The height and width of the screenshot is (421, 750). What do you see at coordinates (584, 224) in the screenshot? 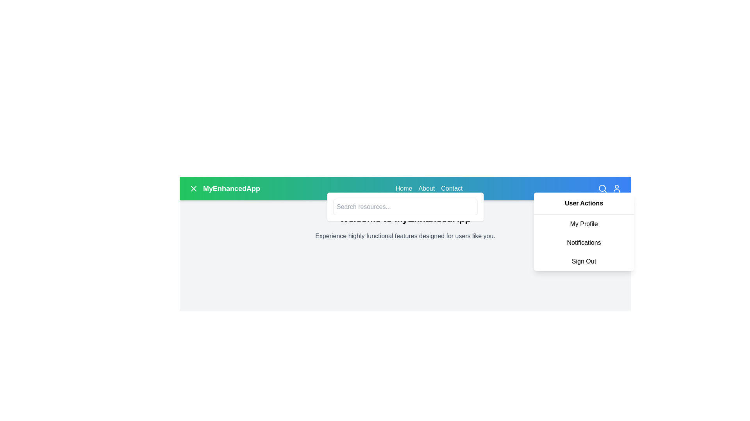
I see `the 'Profile' label in the User Actions dropdown menu to trigger the background color change` at bounding box center [584, 224].